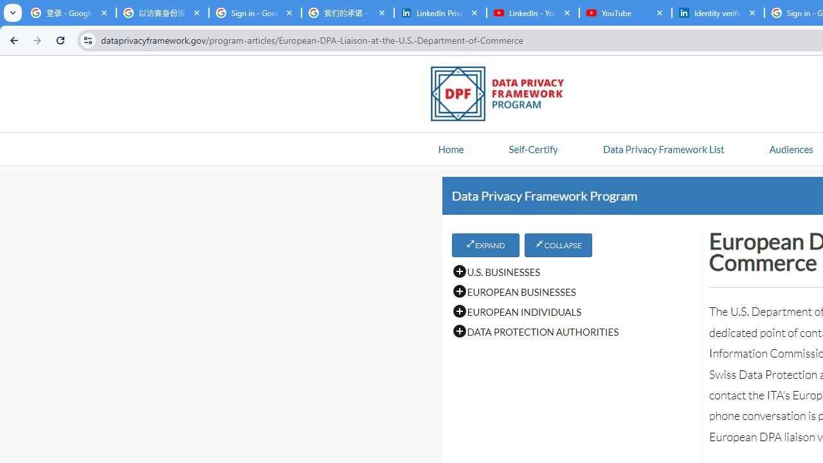 The height and width of the screenshot is (463, 823). I want to click on 'LinkedIn Privacy Policy', so click(440, 13).